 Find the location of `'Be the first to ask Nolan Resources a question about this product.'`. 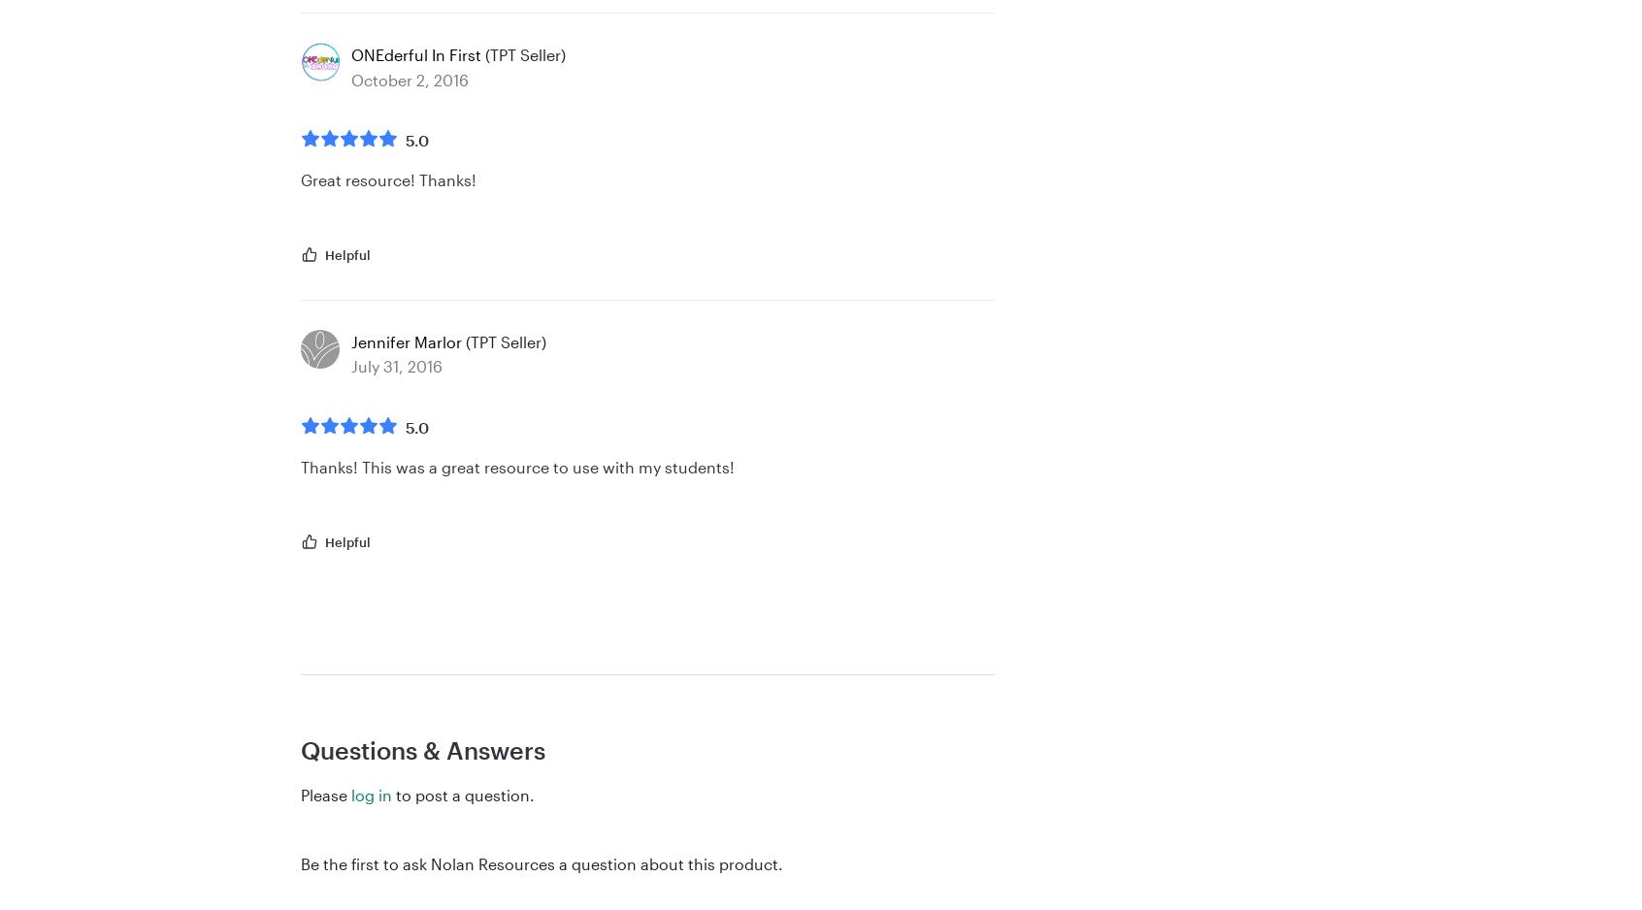

'Be the first to ask Nolan Resources a question about this product.' is located at coordinates (299, 863).